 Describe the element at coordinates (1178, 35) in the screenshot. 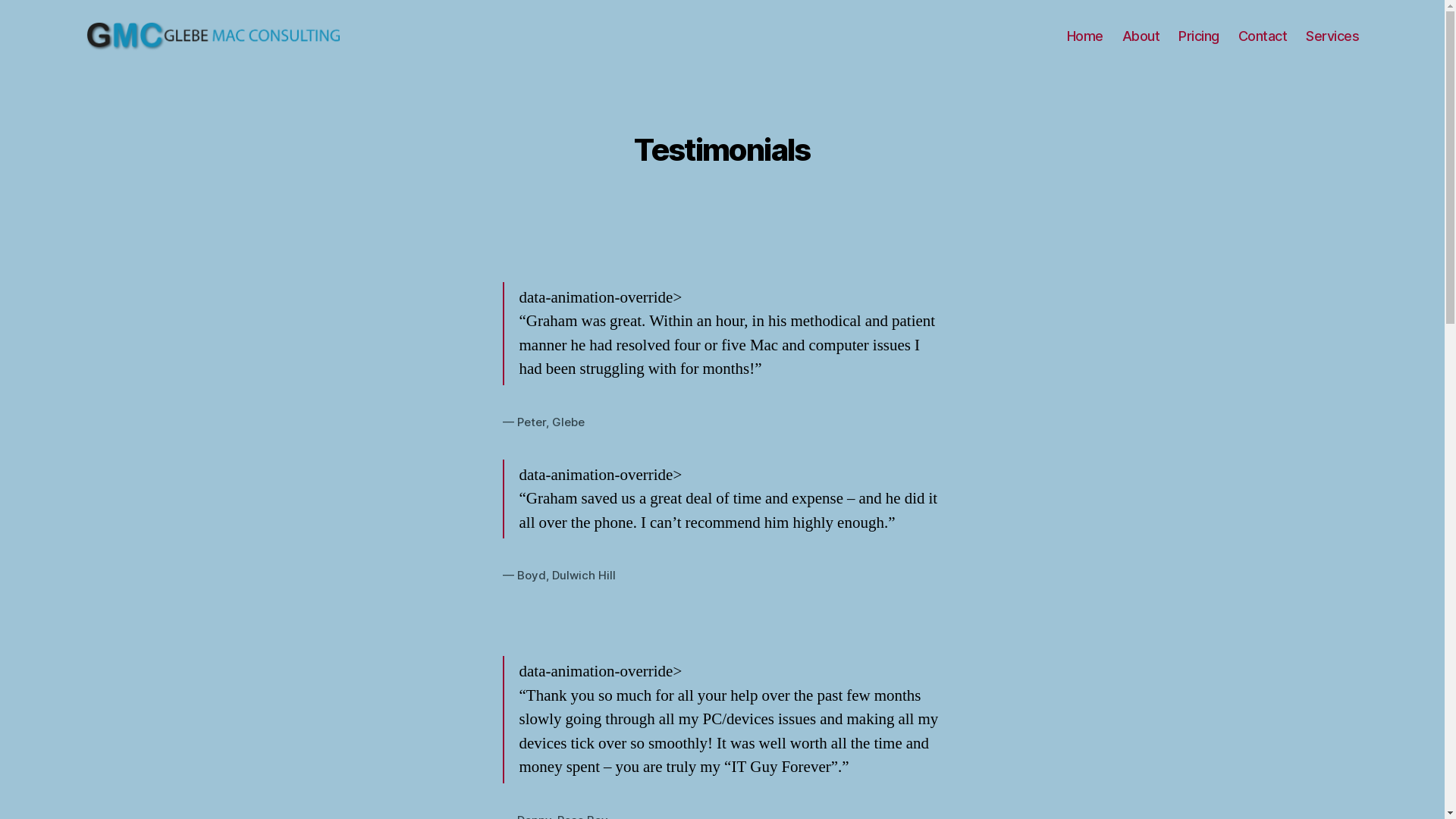

I see `'Pricing'` at that location.